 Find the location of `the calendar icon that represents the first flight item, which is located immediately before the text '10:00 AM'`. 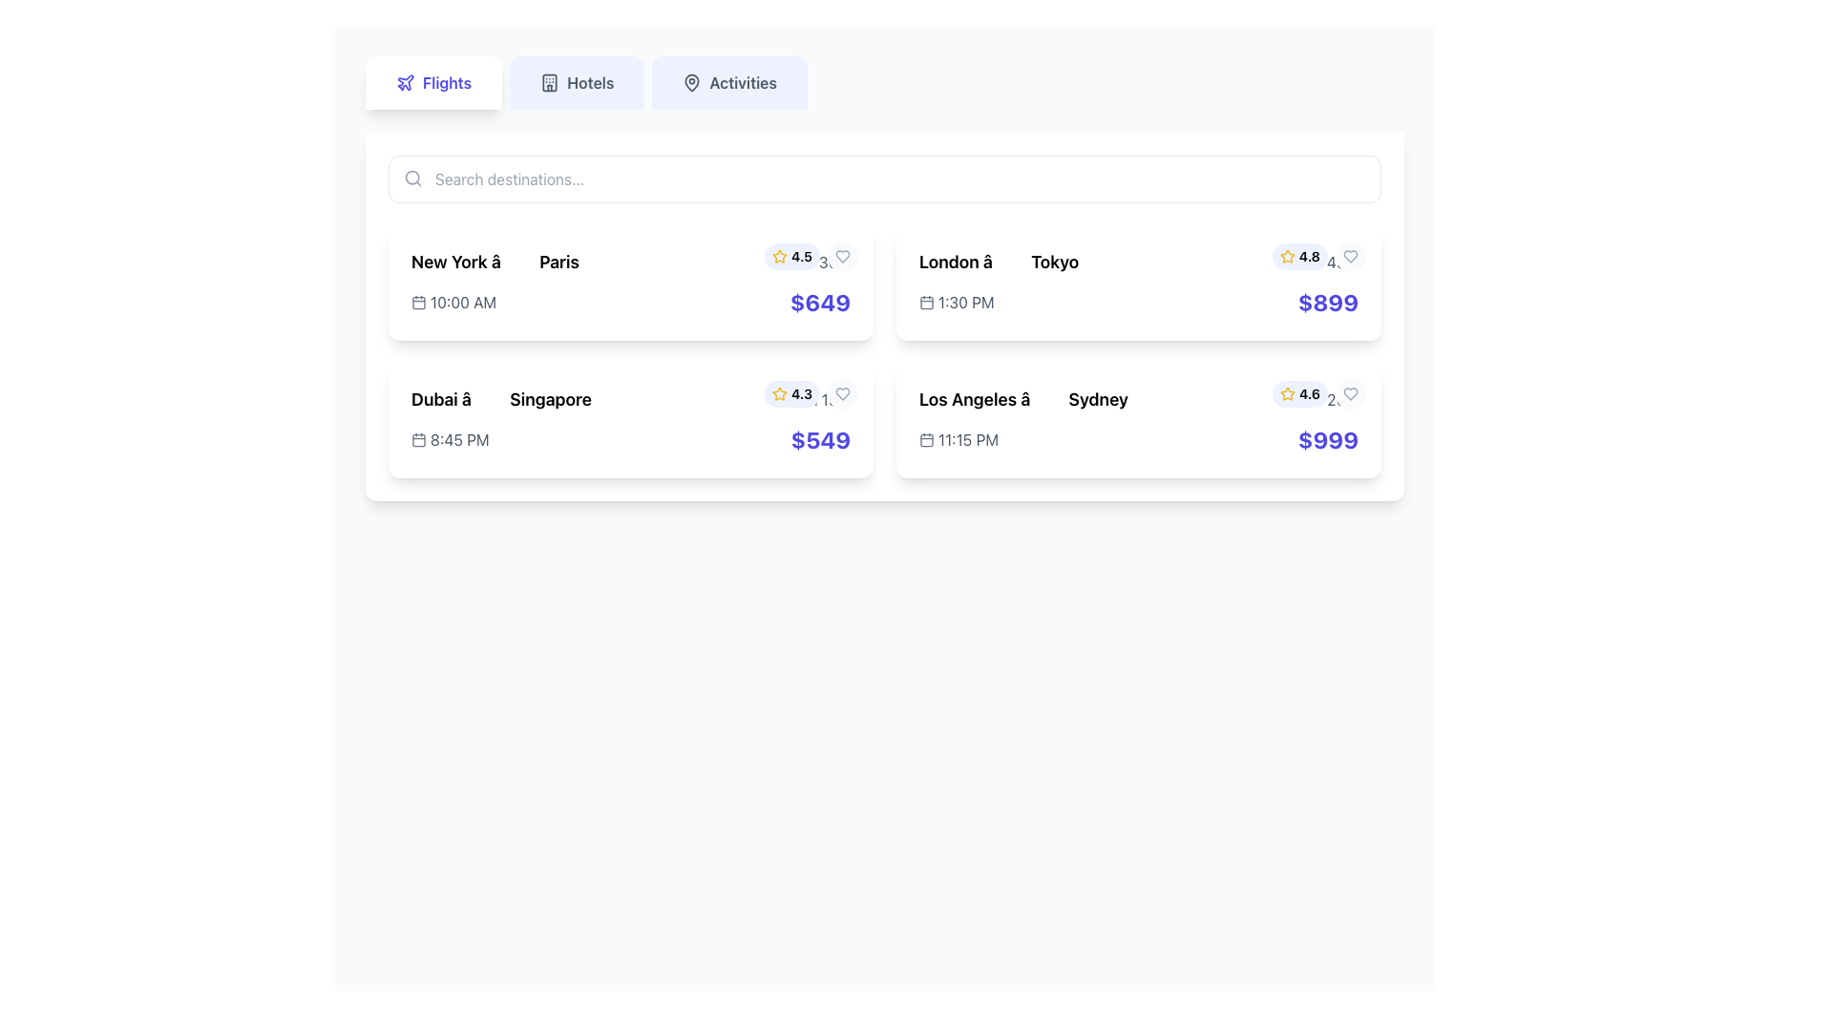

the calendar icon that represents the first flight item, which is located immediately before the text '10:00 AM' is located at coordinates (417, 301).